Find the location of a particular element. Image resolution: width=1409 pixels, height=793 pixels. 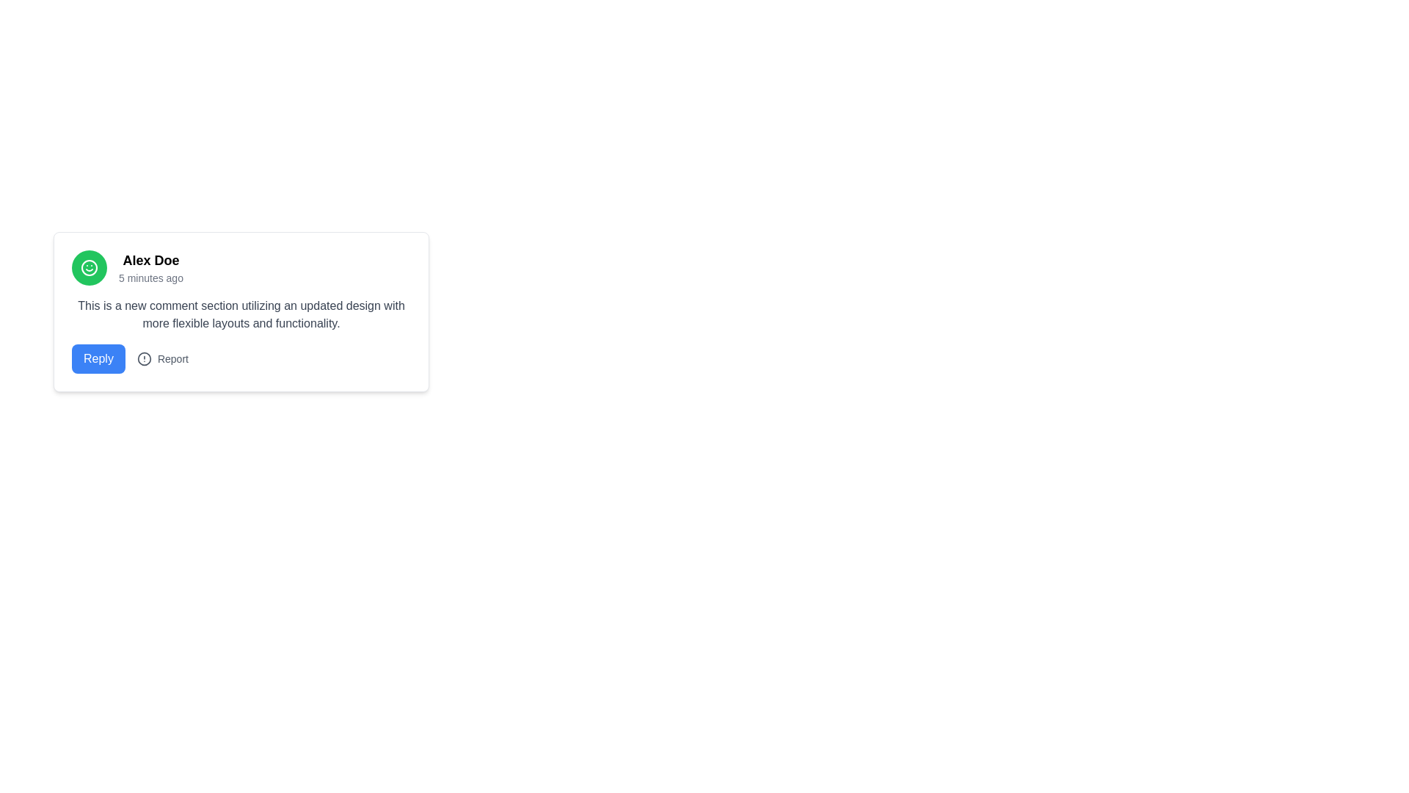

the green circular avatar image with a smiley face located at the top-left corner of the comment card, next to 'Alex Doe' and '5 minutes ago' is located at coordinates (88, 268).